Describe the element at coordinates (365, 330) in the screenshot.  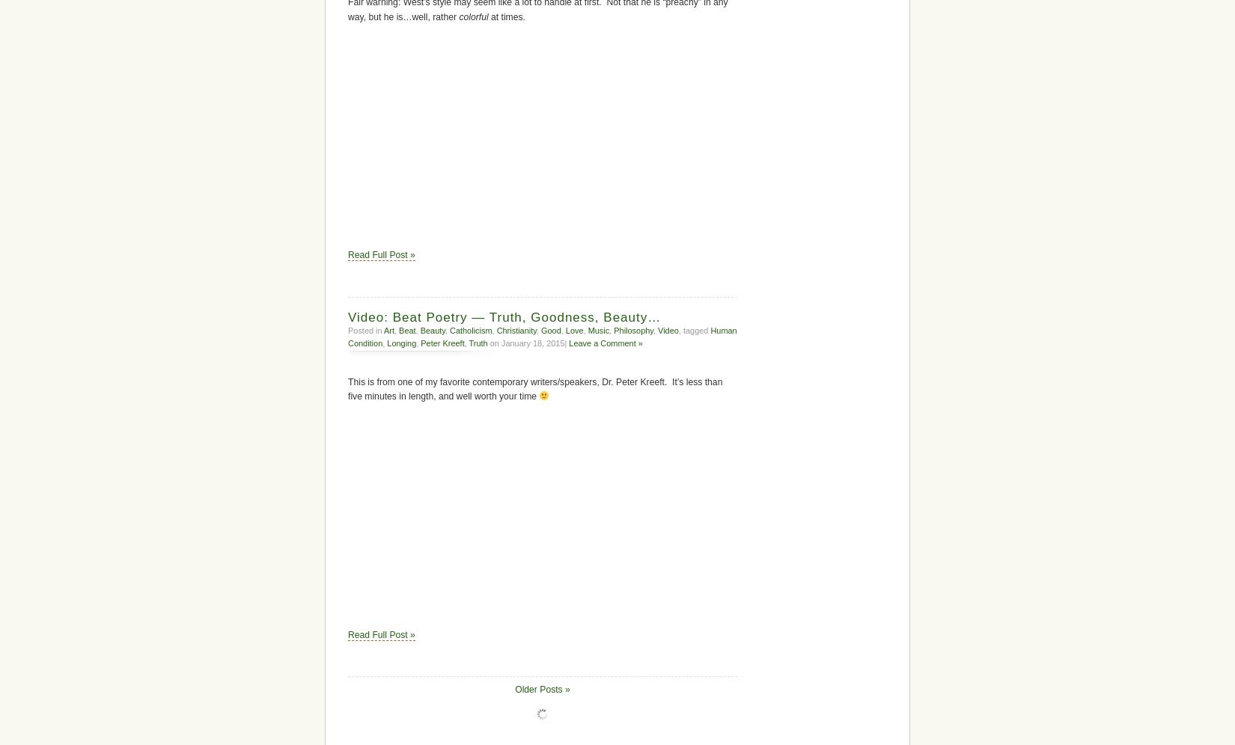
I see `'Posted in'` at that location.